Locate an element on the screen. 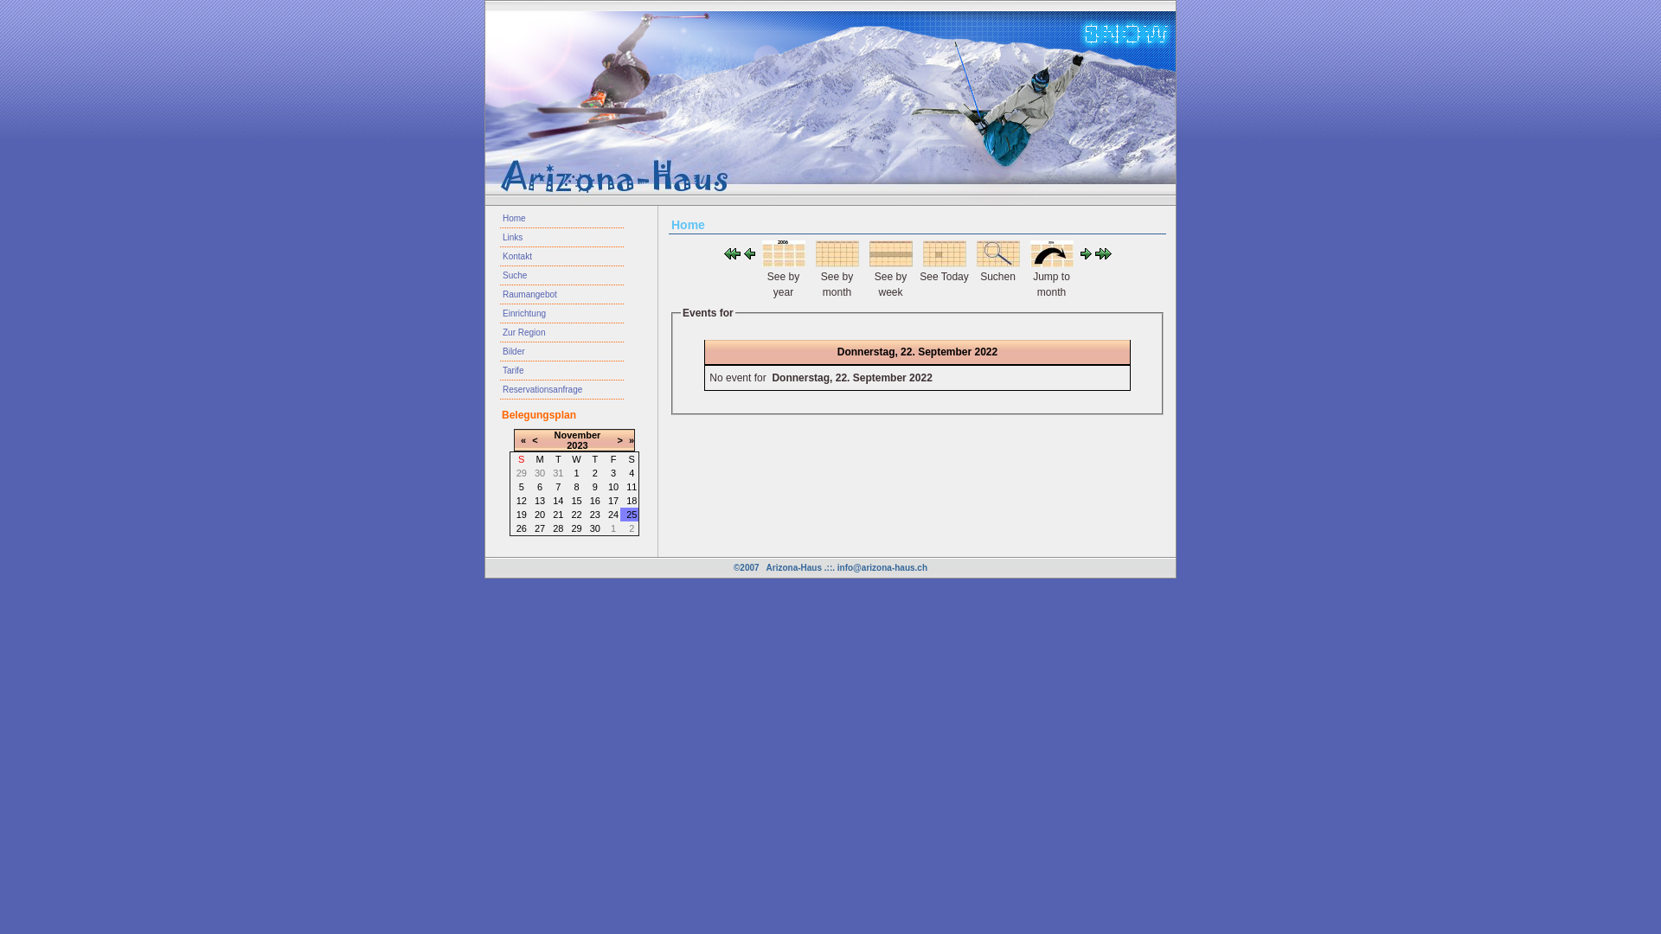 The height and width of the screenshot is (934, 1661). '3' is located at coordinates (613, 473).